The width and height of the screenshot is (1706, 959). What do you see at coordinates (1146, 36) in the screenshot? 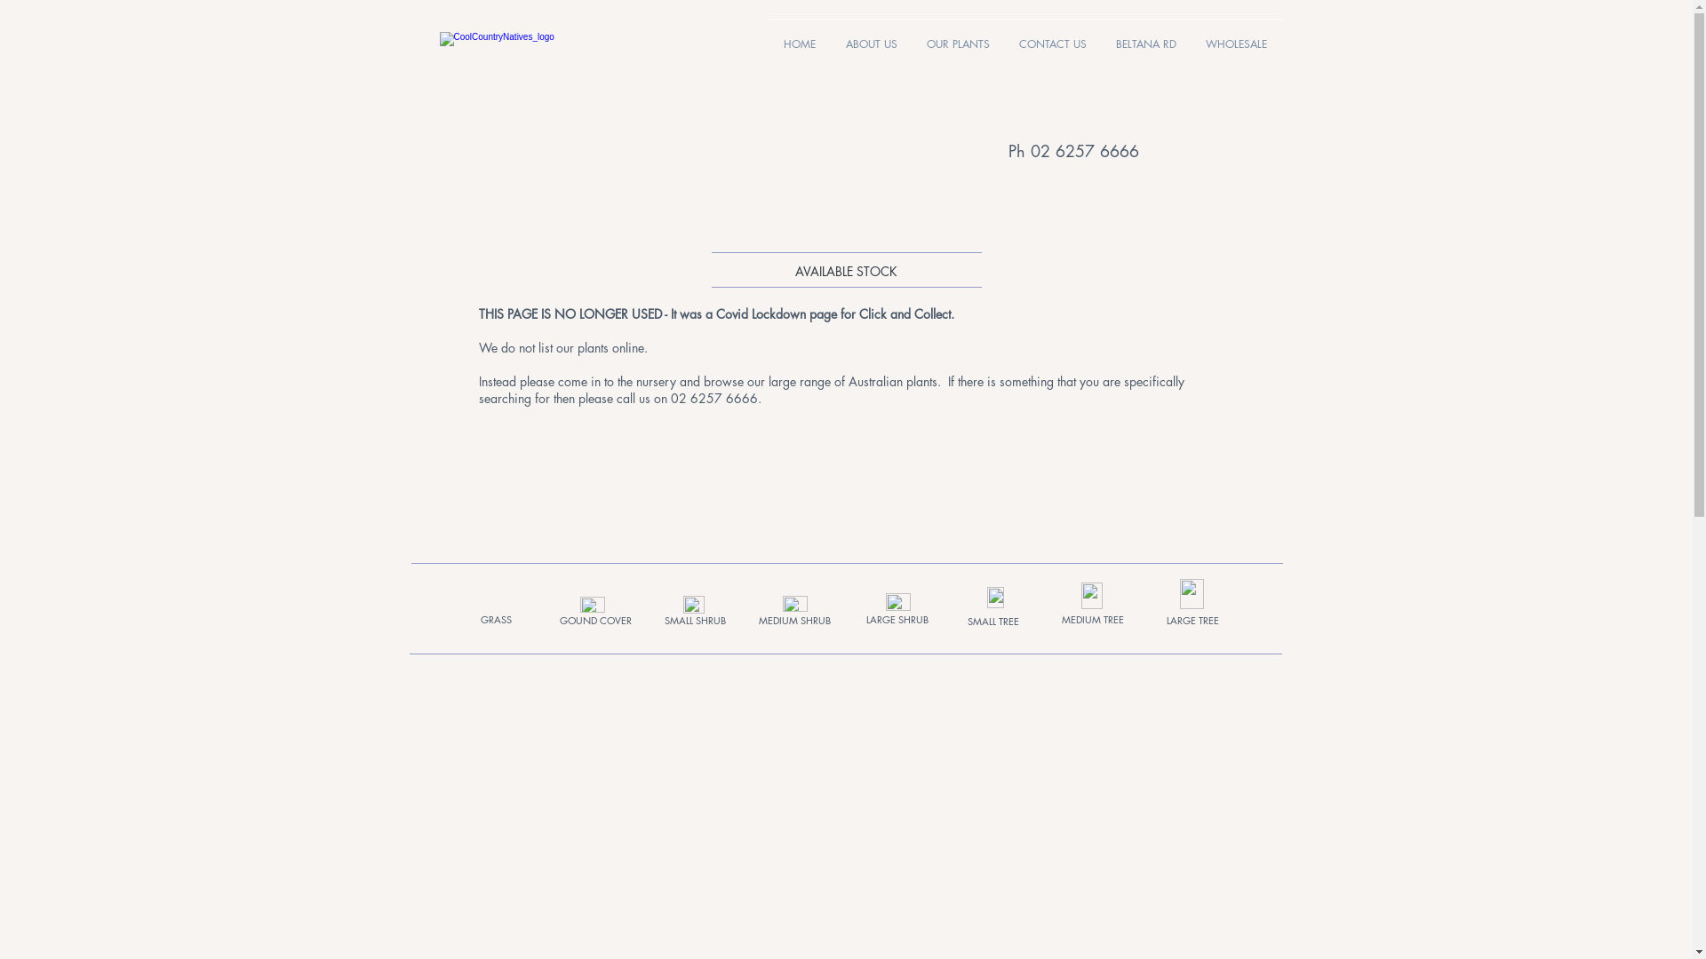
I see `'BELTANA RD'` at bounding box center [1146, 36].